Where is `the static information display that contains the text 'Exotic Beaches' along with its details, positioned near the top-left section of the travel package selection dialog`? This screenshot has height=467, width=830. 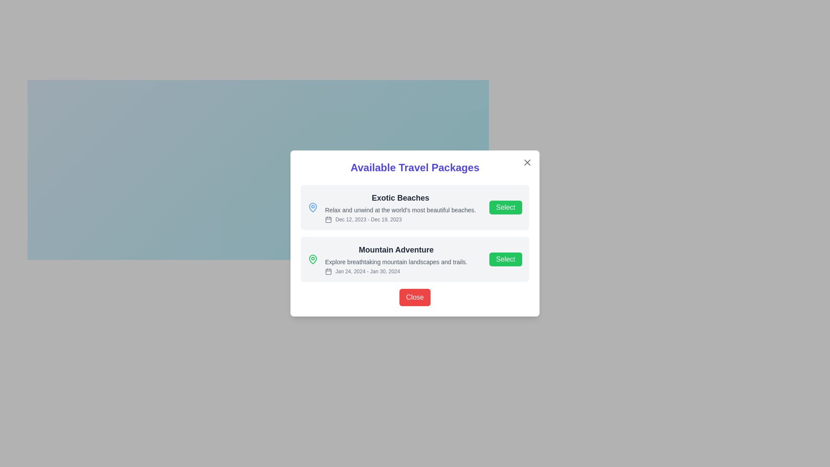
the static information display that contains the text 'Exotic Beaches' along with its details, positioned near the top-left section of the travel package selection dialog is located at coordinates (400, 207).